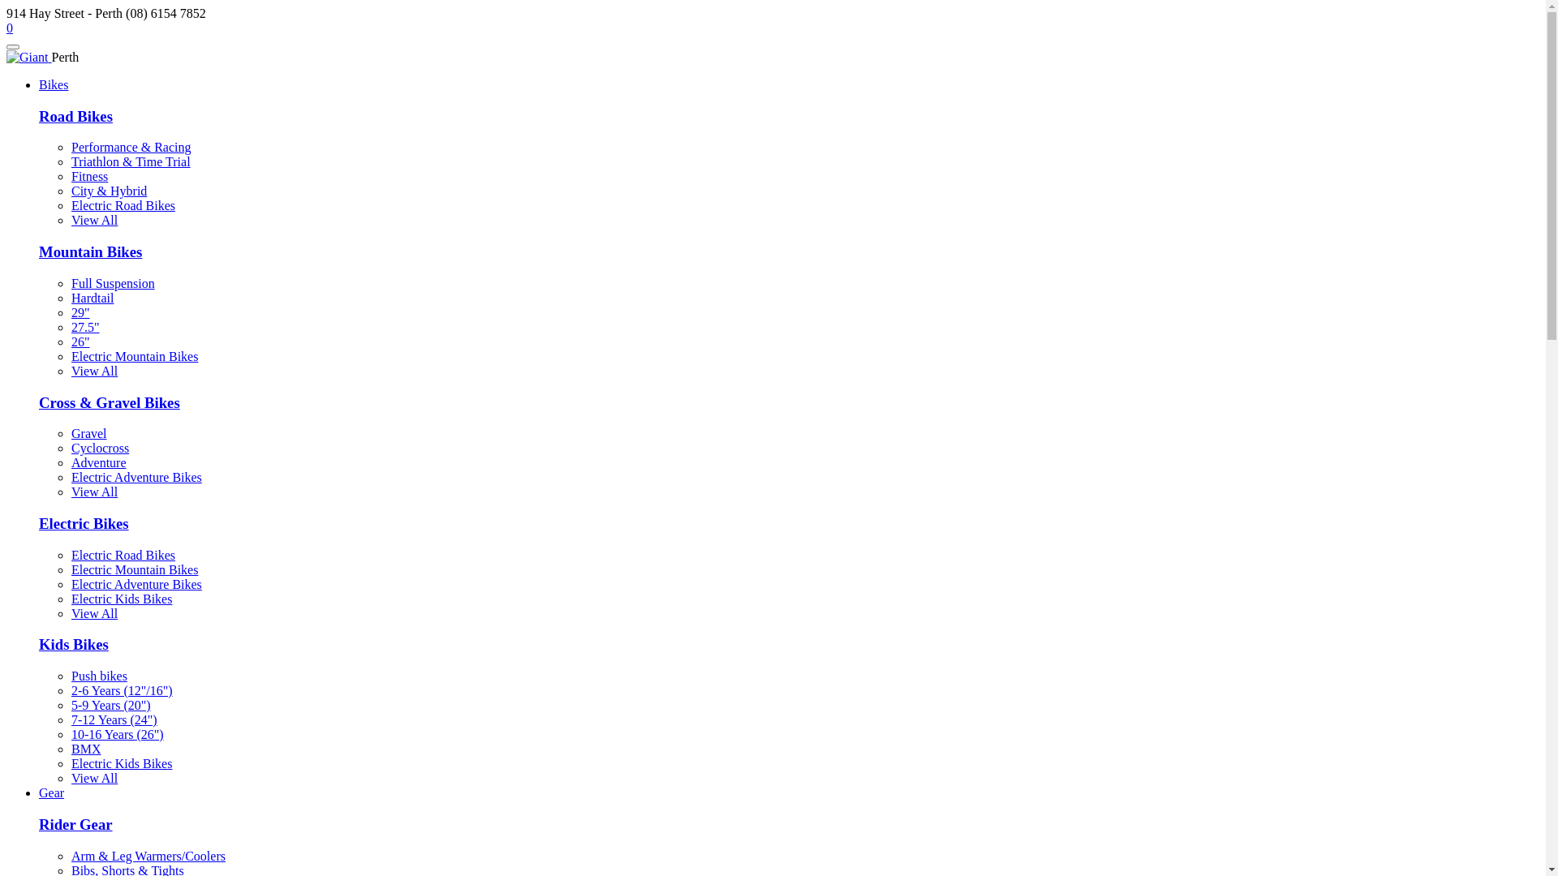 This screenshot has height=876, width=1558. Describe the element at coordinates (75, 115) in the screenshot. I see `'Road Bikes'` at that location.